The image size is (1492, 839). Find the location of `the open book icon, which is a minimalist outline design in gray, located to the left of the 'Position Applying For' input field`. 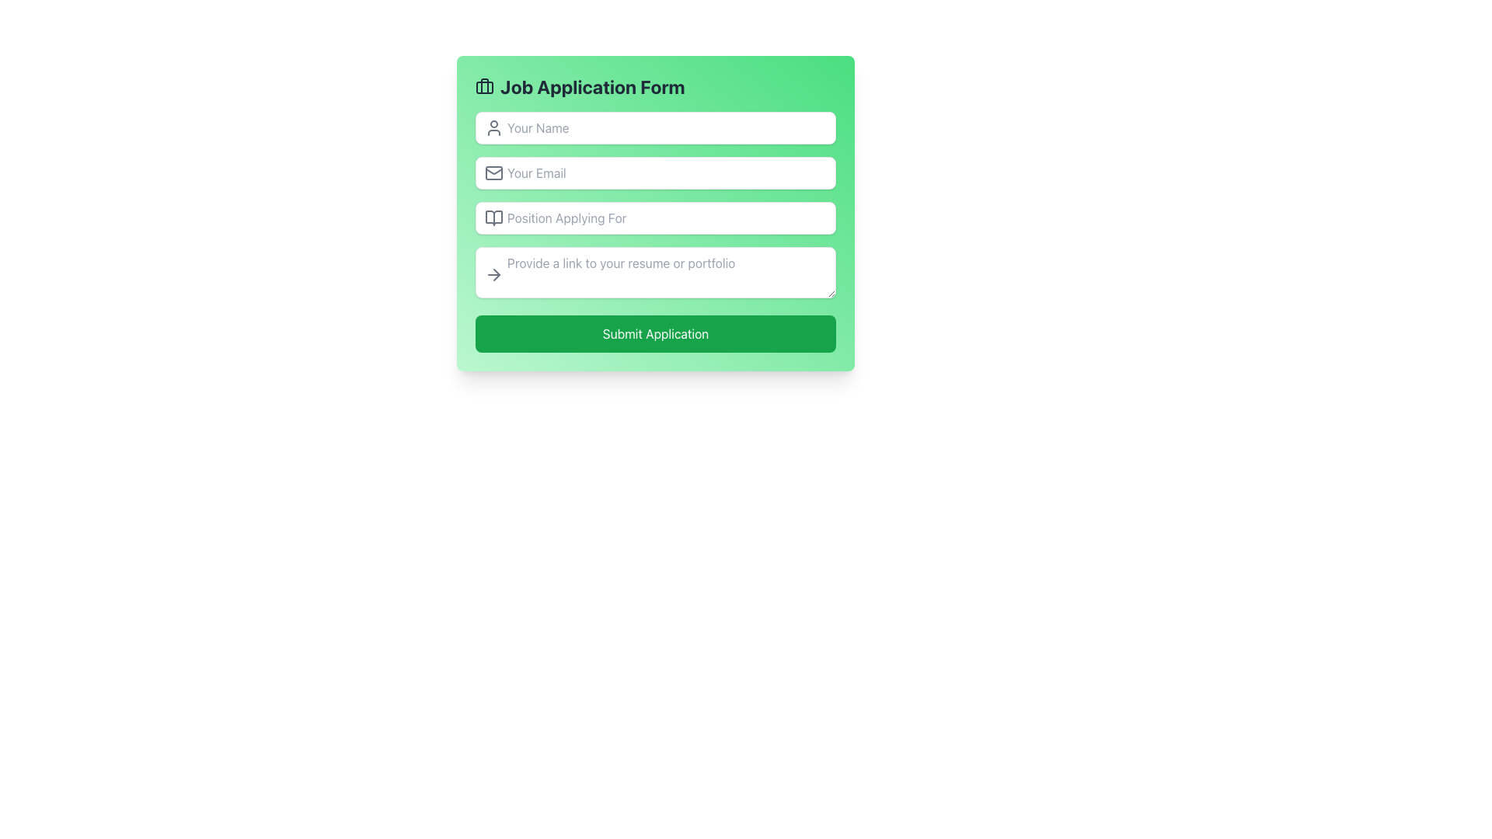

the open book icon, which is a minimalist outline design in gray, located to the left of the 'Position Applying For' input field is located at coordinates (493, 218).